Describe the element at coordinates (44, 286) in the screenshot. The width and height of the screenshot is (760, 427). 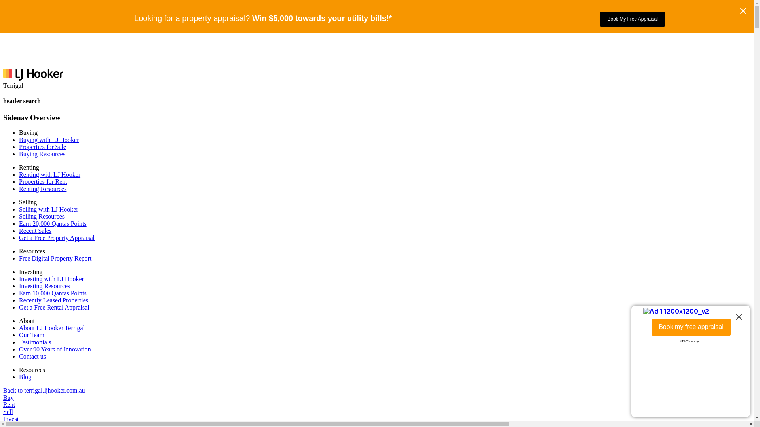
I see `'Investing Resources'` at that location.